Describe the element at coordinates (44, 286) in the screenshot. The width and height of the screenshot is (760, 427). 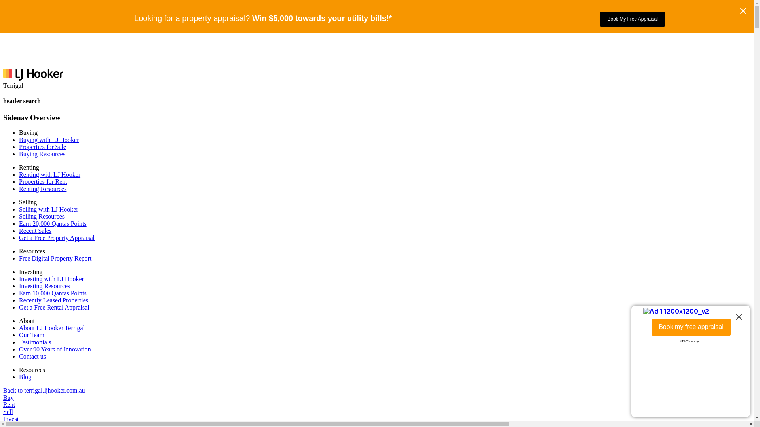
I see `'Investing Resources'` at that location.